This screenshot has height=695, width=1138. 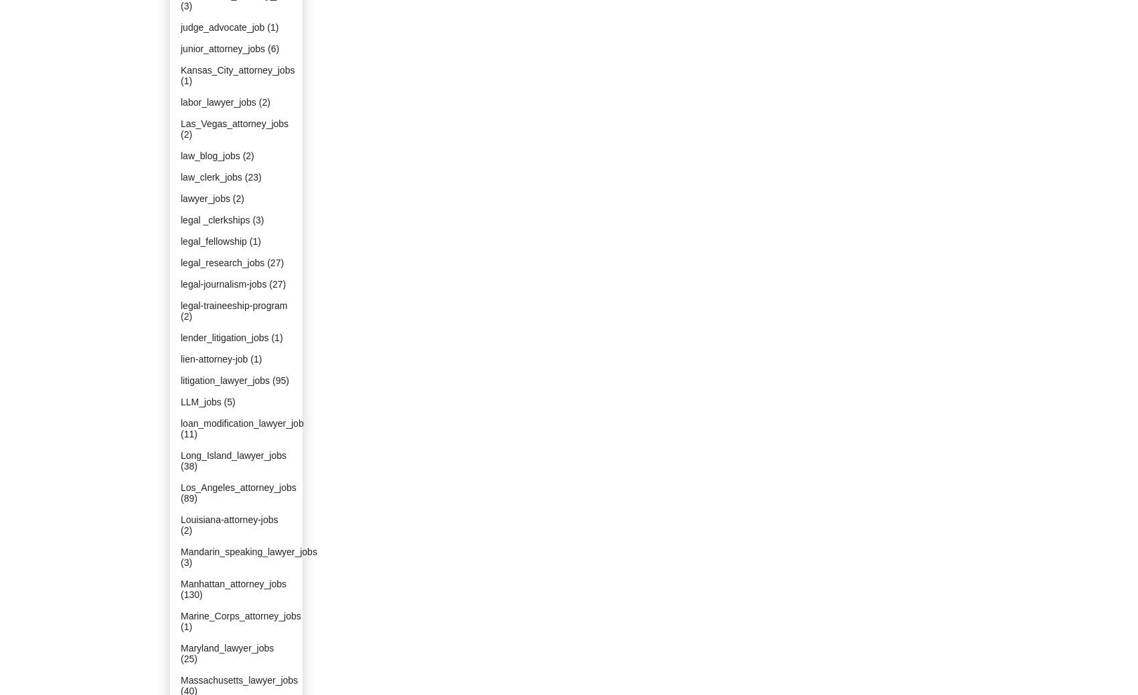 What do you see at coordinates (180, 551) in the screenshot?
I see `'Mandarin_speaking_lawyer_jobs'` at bounding box center [180, 551].